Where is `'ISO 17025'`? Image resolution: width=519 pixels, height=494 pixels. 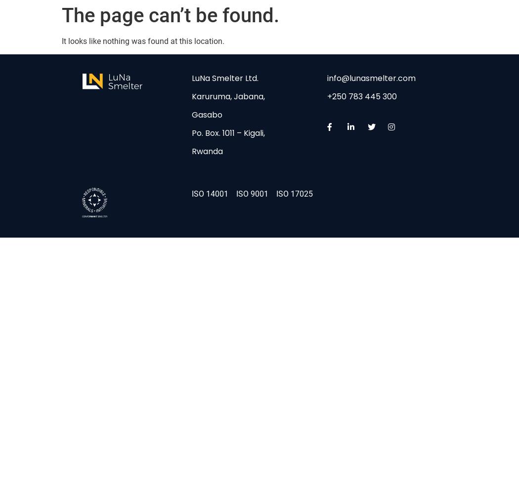
'ISO 17025' is located at coordinates (294, 193).